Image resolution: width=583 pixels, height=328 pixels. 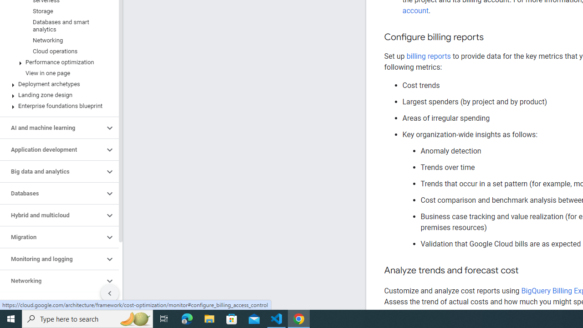 I want to click on 'Application development', so click(x=51, y=149).